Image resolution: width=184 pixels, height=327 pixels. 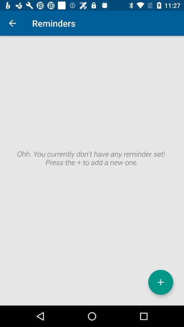 What do you see at coordinates (92, 170) in the screenshot?
I see `reminder section` at bounding box center [92, 170].